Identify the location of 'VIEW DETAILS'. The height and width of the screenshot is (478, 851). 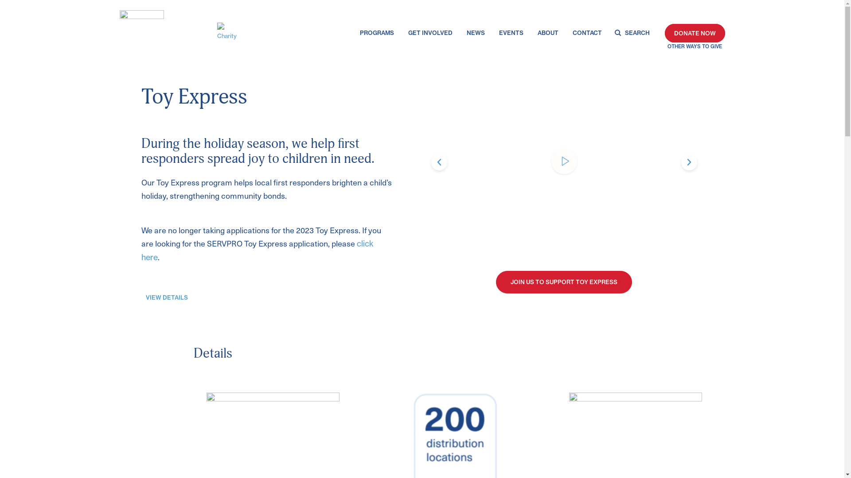
(167, 298).